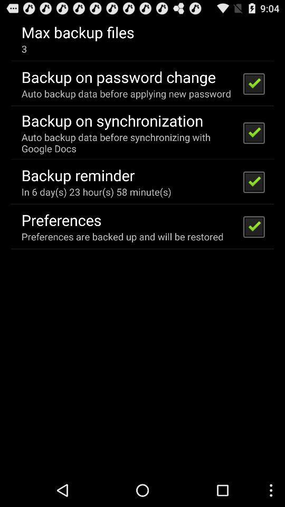  I want to click on backup reminder icon, so click(78, 175).